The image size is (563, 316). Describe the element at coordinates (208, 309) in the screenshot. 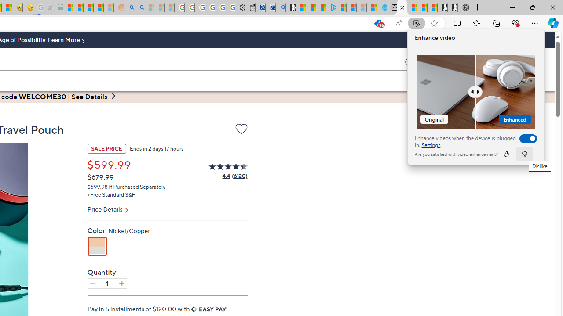

I see `'Easy Pay'` at that location.